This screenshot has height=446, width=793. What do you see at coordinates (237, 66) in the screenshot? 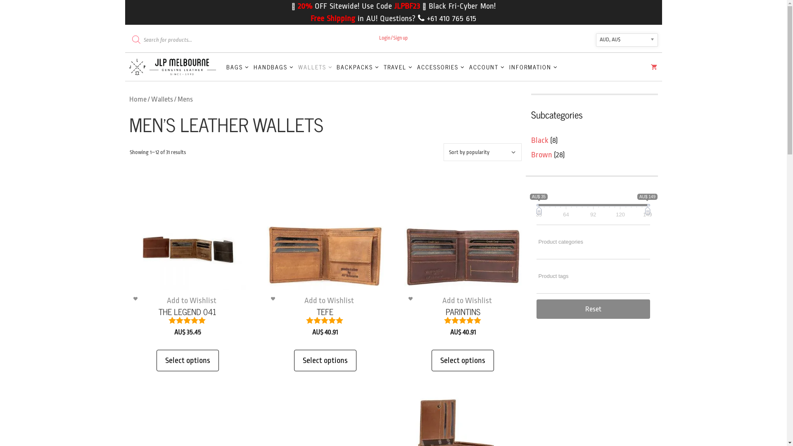
I see `'BAGS'` at bounding box center [237, 66].